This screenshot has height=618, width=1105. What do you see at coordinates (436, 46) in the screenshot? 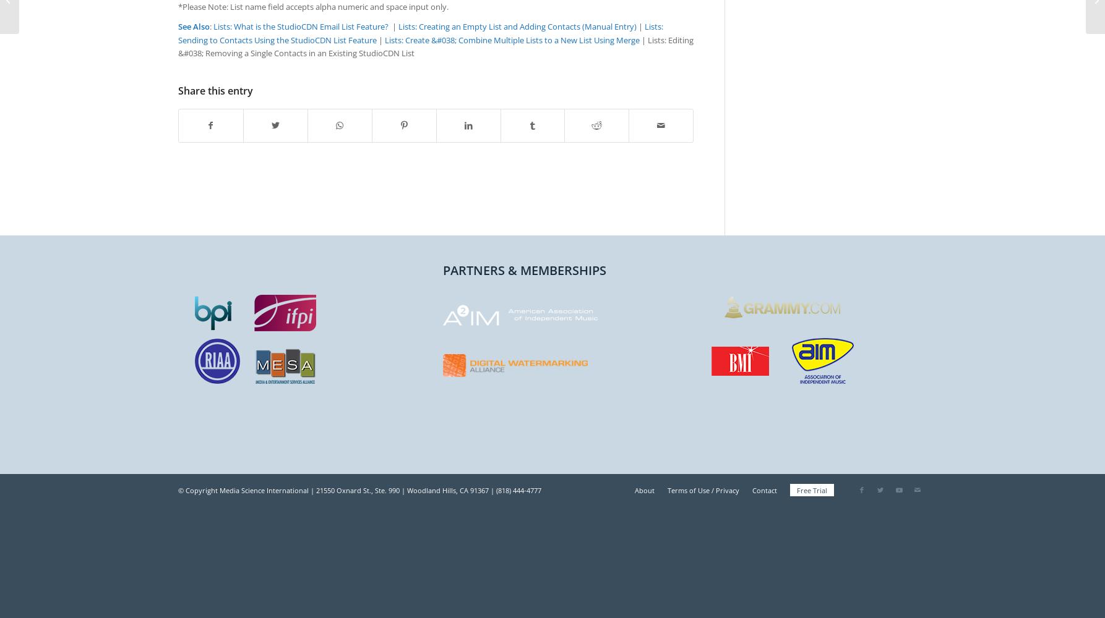
I see `'| Lists: Editing &#038; Removing a Single Contacts in an Existing StudioCDN List'` at bounding box center [436, 46].